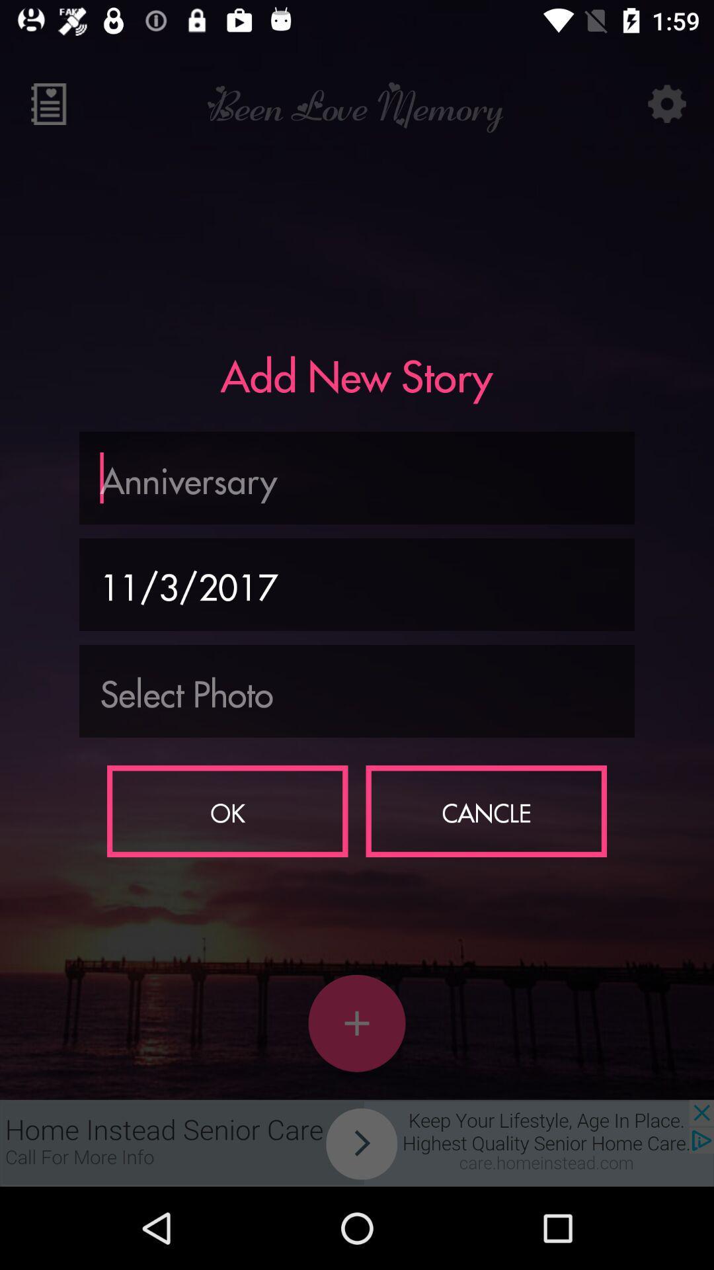  I want to click on anniversary, so click(357, 477).